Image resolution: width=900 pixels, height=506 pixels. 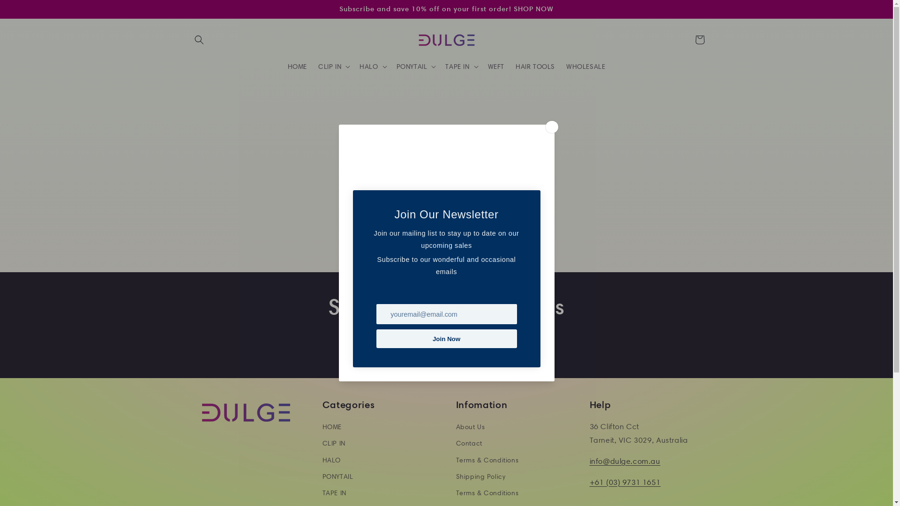 I want to click on 'TAPE IN', so click(x=322, y=492).